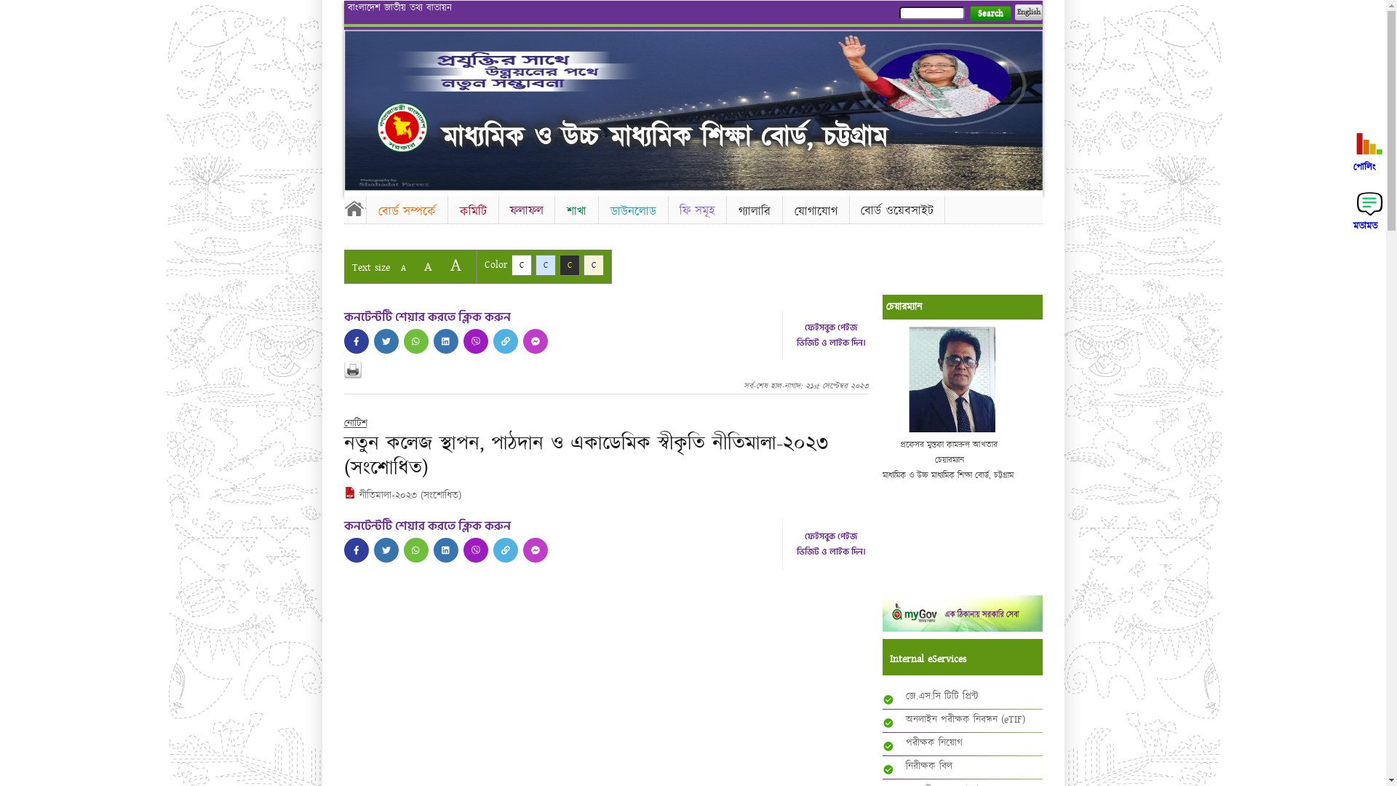 Image resolution: width=1397 pixels, height=786 pixels. I want to click on 'A', so click(392, 268).